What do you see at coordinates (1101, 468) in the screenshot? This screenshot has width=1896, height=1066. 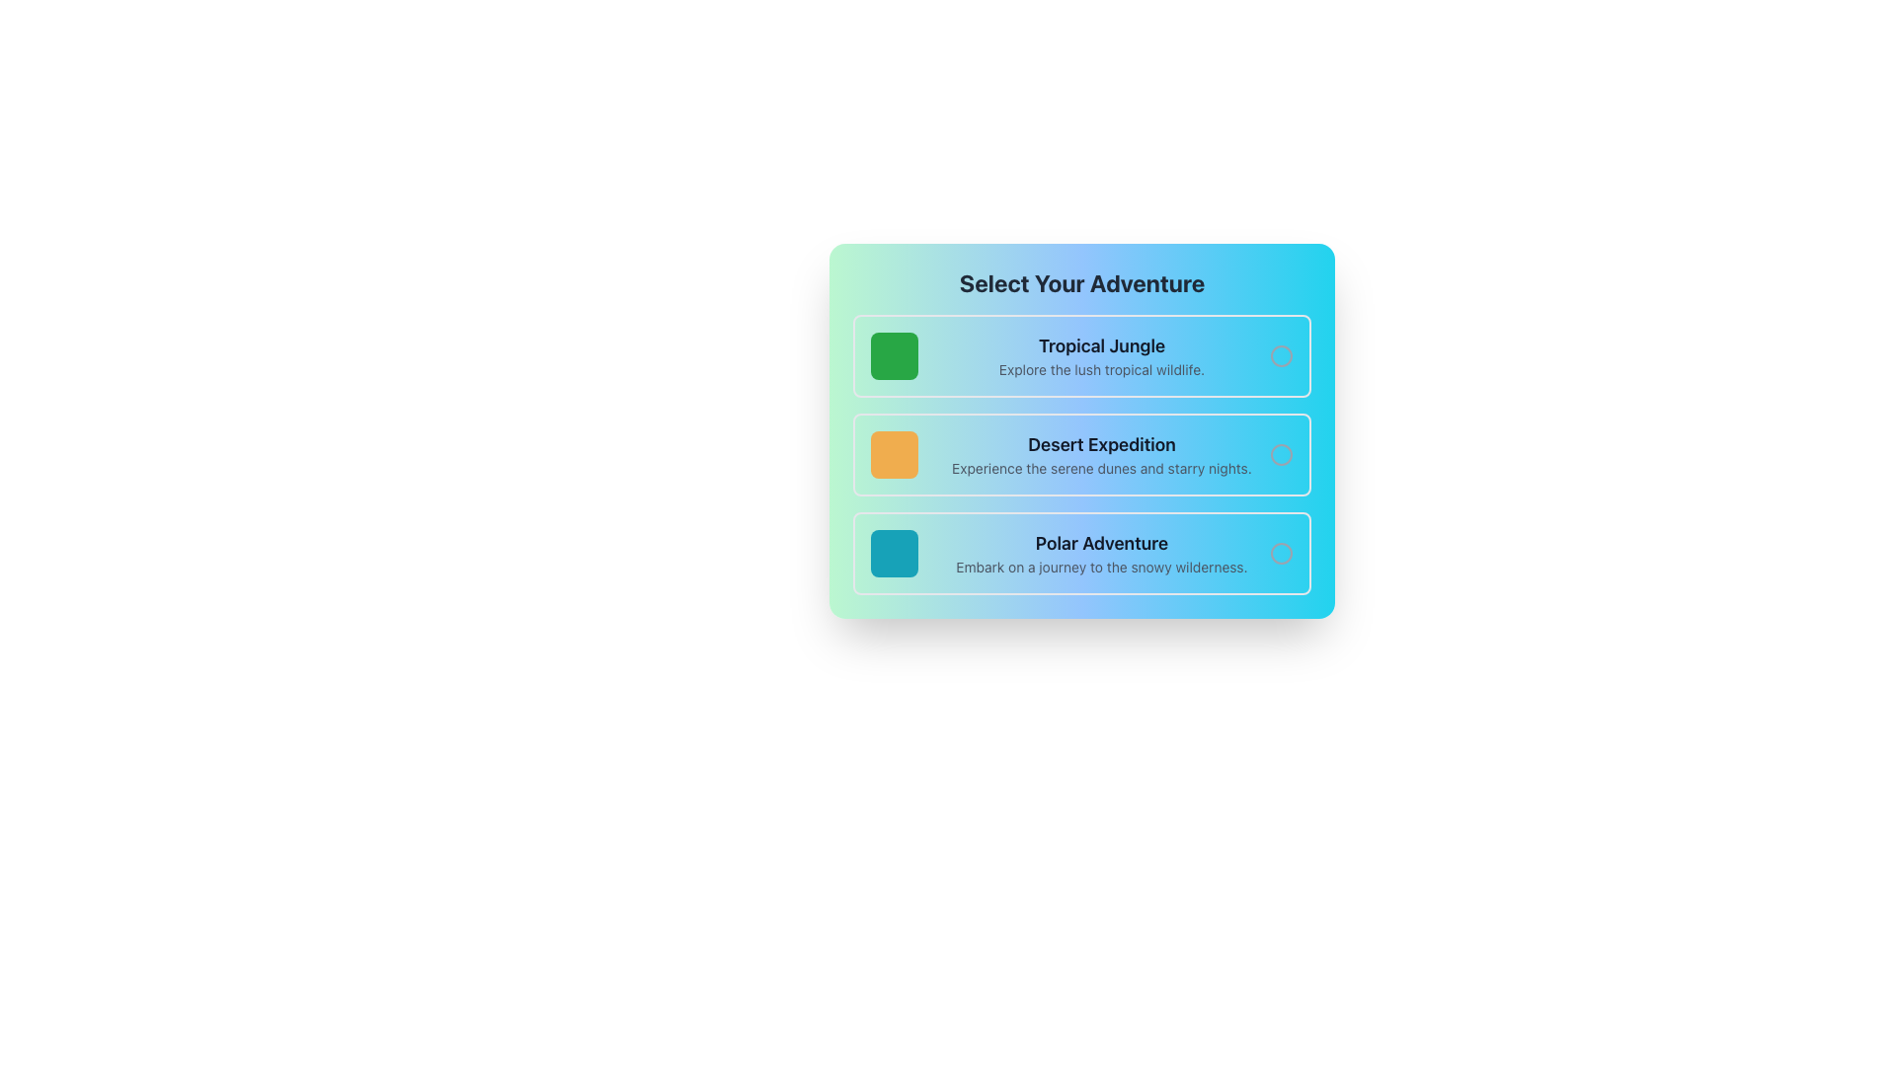 I see `the text paragraph that displays 'Experience the serene dunes and starry nights.' which is styled with a smaller font size and gray color, located beneath the title 'Desert Expedition'` at bounding box center [1101, 468].